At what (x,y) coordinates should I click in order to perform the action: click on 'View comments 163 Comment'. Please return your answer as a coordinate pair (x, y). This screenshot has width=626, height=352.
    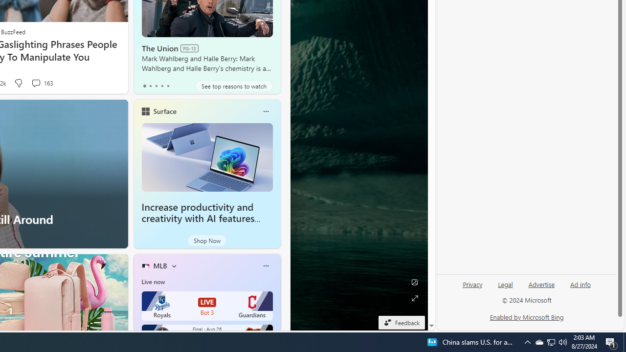
    Looking at the image, I should click on (41, 83).